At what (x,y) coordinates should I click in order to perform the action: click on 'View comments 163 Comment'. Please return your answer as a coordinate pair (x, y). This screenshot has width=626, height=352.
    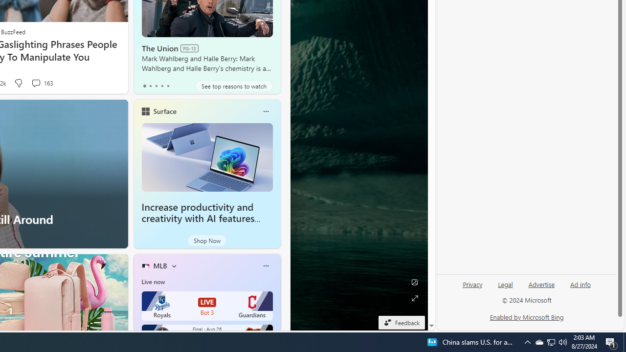
    Looking at the image, I should click on (41, 83).